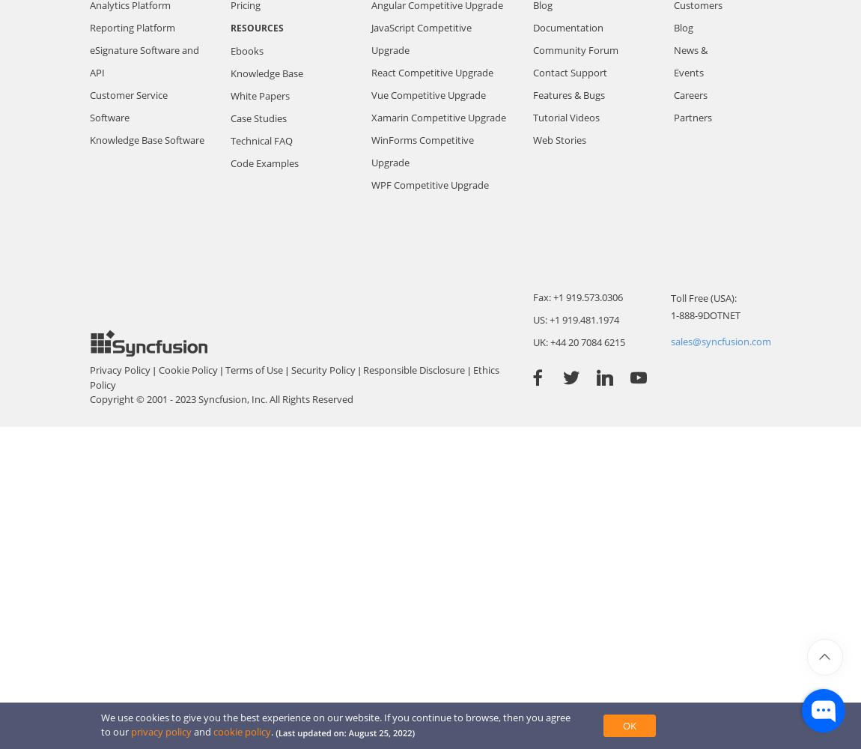  What do you see at coordinates (532, 319) in the screenshot?
I see `'US: +1 919.481.1974'` at bounding box center [532, 319].